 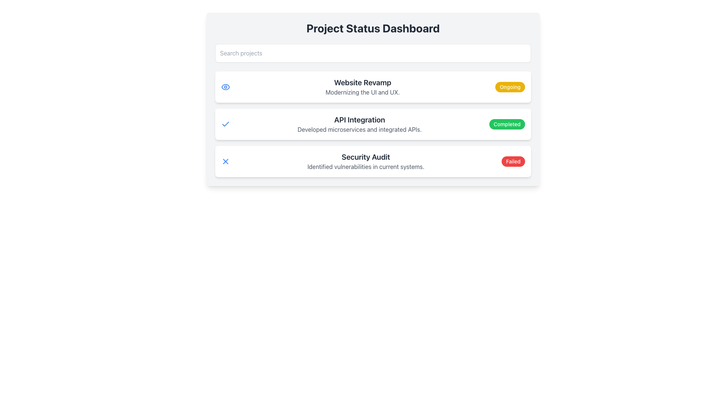 What do you see at coordinates (363, 87) in the screenshot?
I see `the Text display component that shows 'Website Revamp' in bold and 'Modernizing the UI and UX.' in a smaller font, located at the center of the project status dashboard` at bounding box center [363, 87].